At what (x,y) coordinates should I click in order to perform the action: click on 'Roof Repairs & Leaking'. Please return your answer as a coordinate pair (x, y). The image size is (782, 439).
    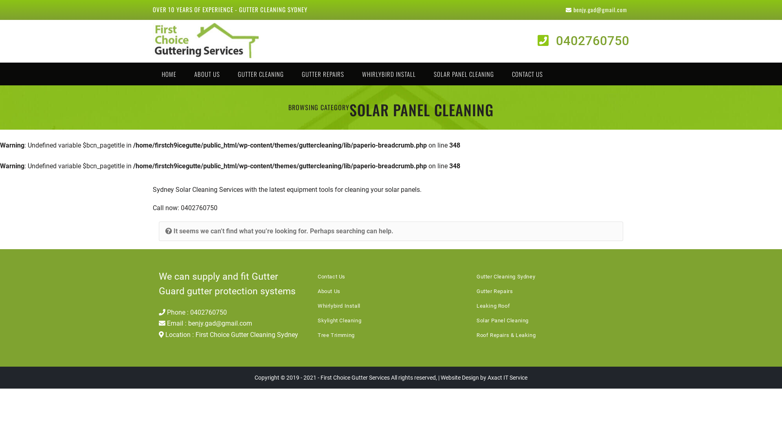
    Looking at the image, I should click on (505, 335).